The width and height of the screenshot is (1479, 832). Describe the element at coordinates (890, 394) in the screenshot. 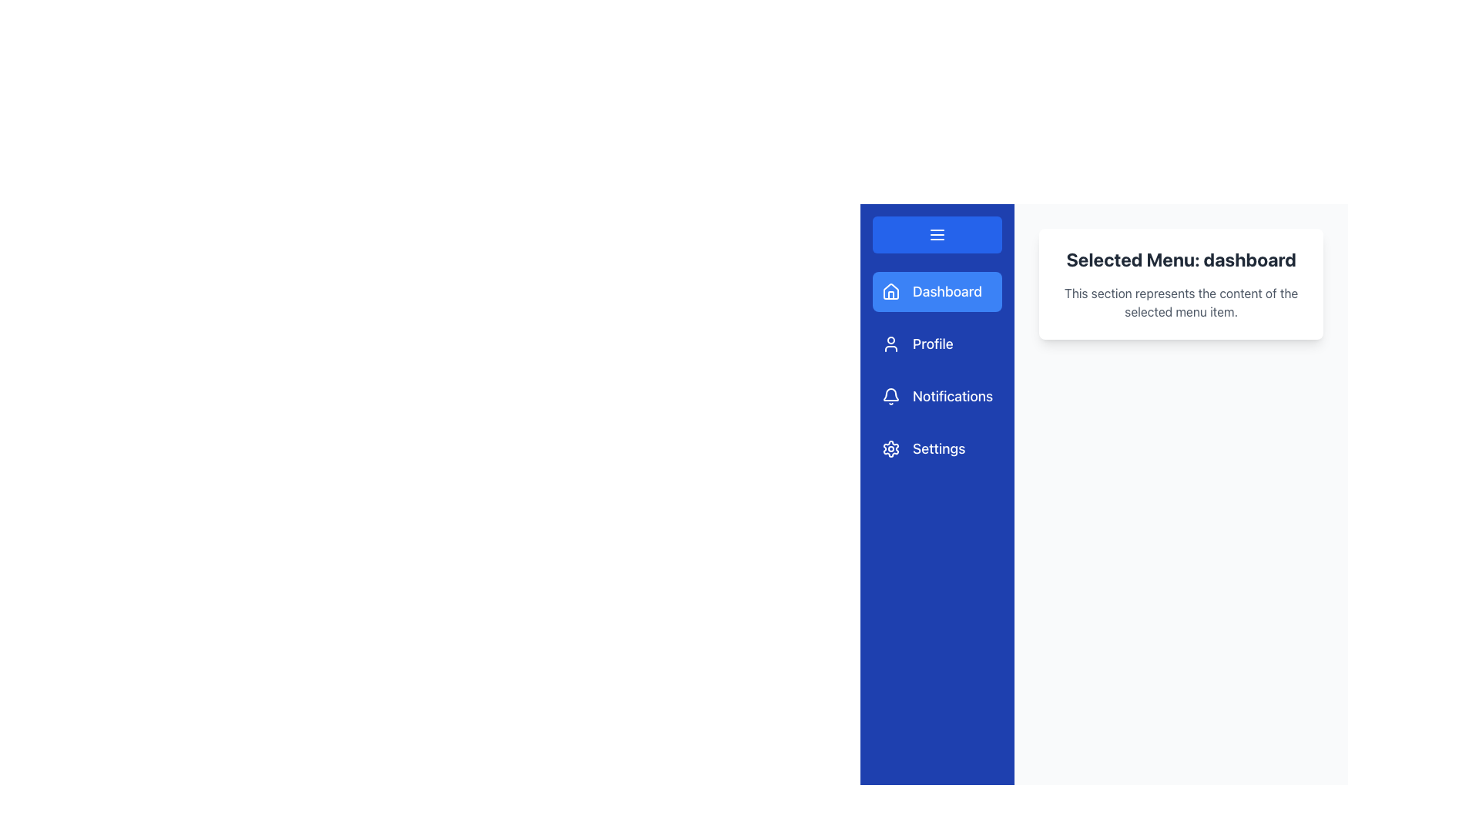

I see `the notification icon located in the blue sidebar, which is part of the interactive menu and is associated with the 'Notifications' label` at that location.